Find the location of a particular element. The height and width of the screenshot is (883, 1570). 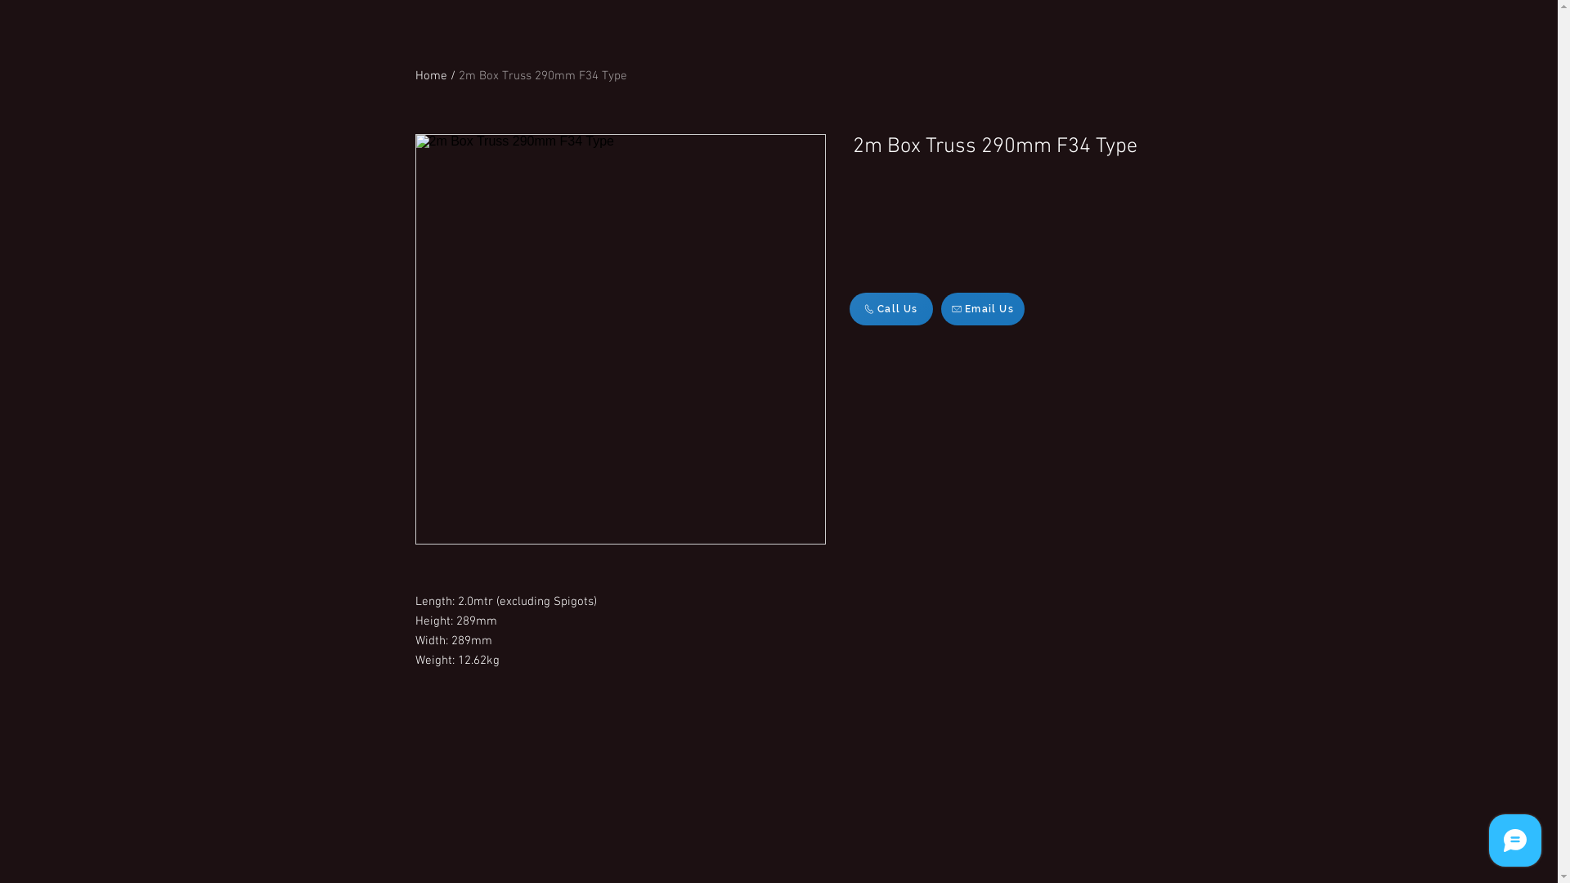

'Call Us' is located at coordinates (890, 309).